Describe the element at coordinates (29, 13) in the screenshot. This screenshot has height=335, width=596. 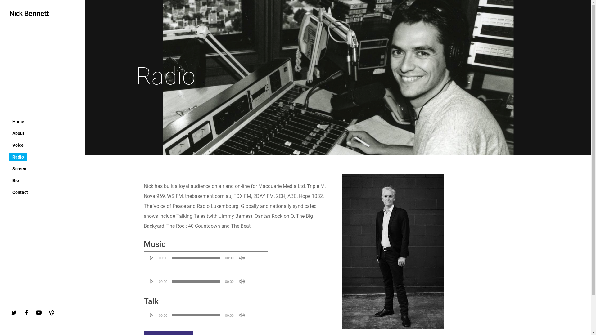
I see `'Nick Bennett'` at that location.